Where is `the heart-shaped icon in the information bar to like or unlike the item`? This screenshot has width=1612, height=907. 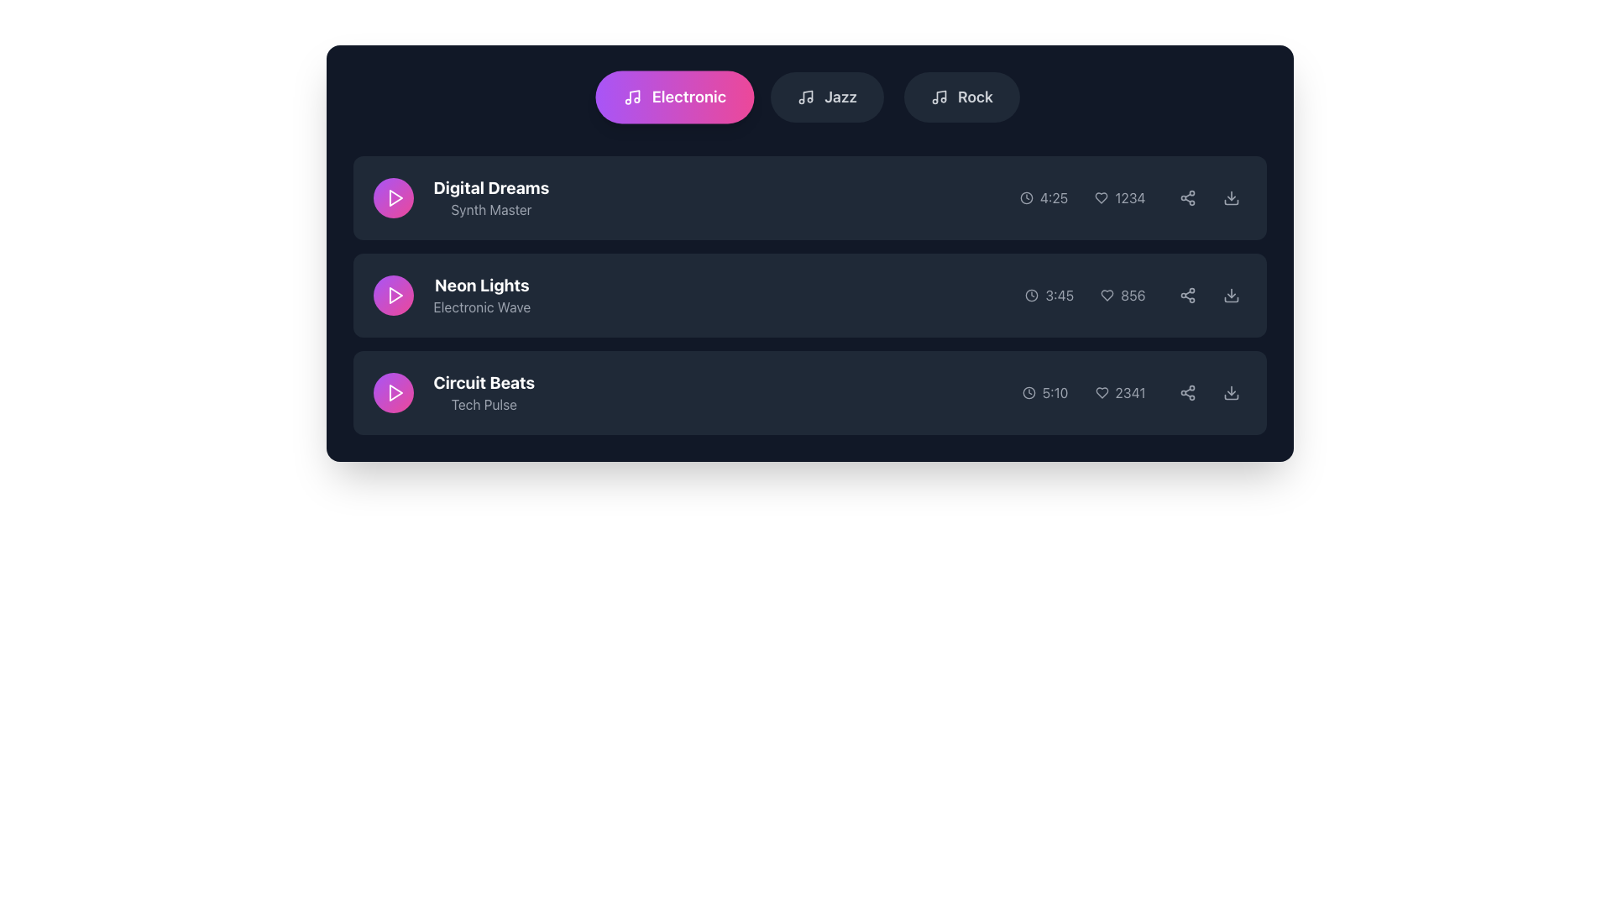 the heart-shaped icon in the information bar to like or unlike the item is located at coordinates (1102, 197).